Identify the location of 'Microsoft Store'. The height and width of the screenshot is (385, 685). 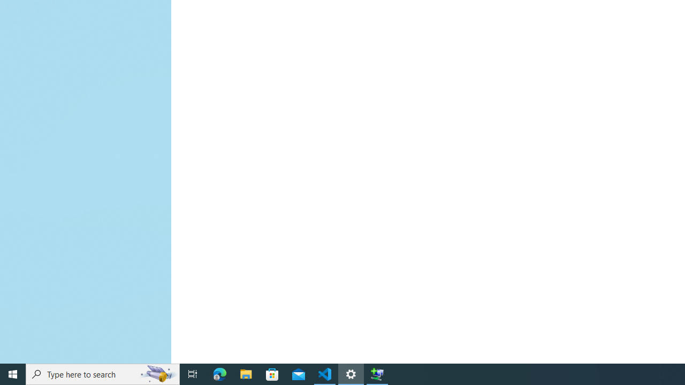
(272, 373).